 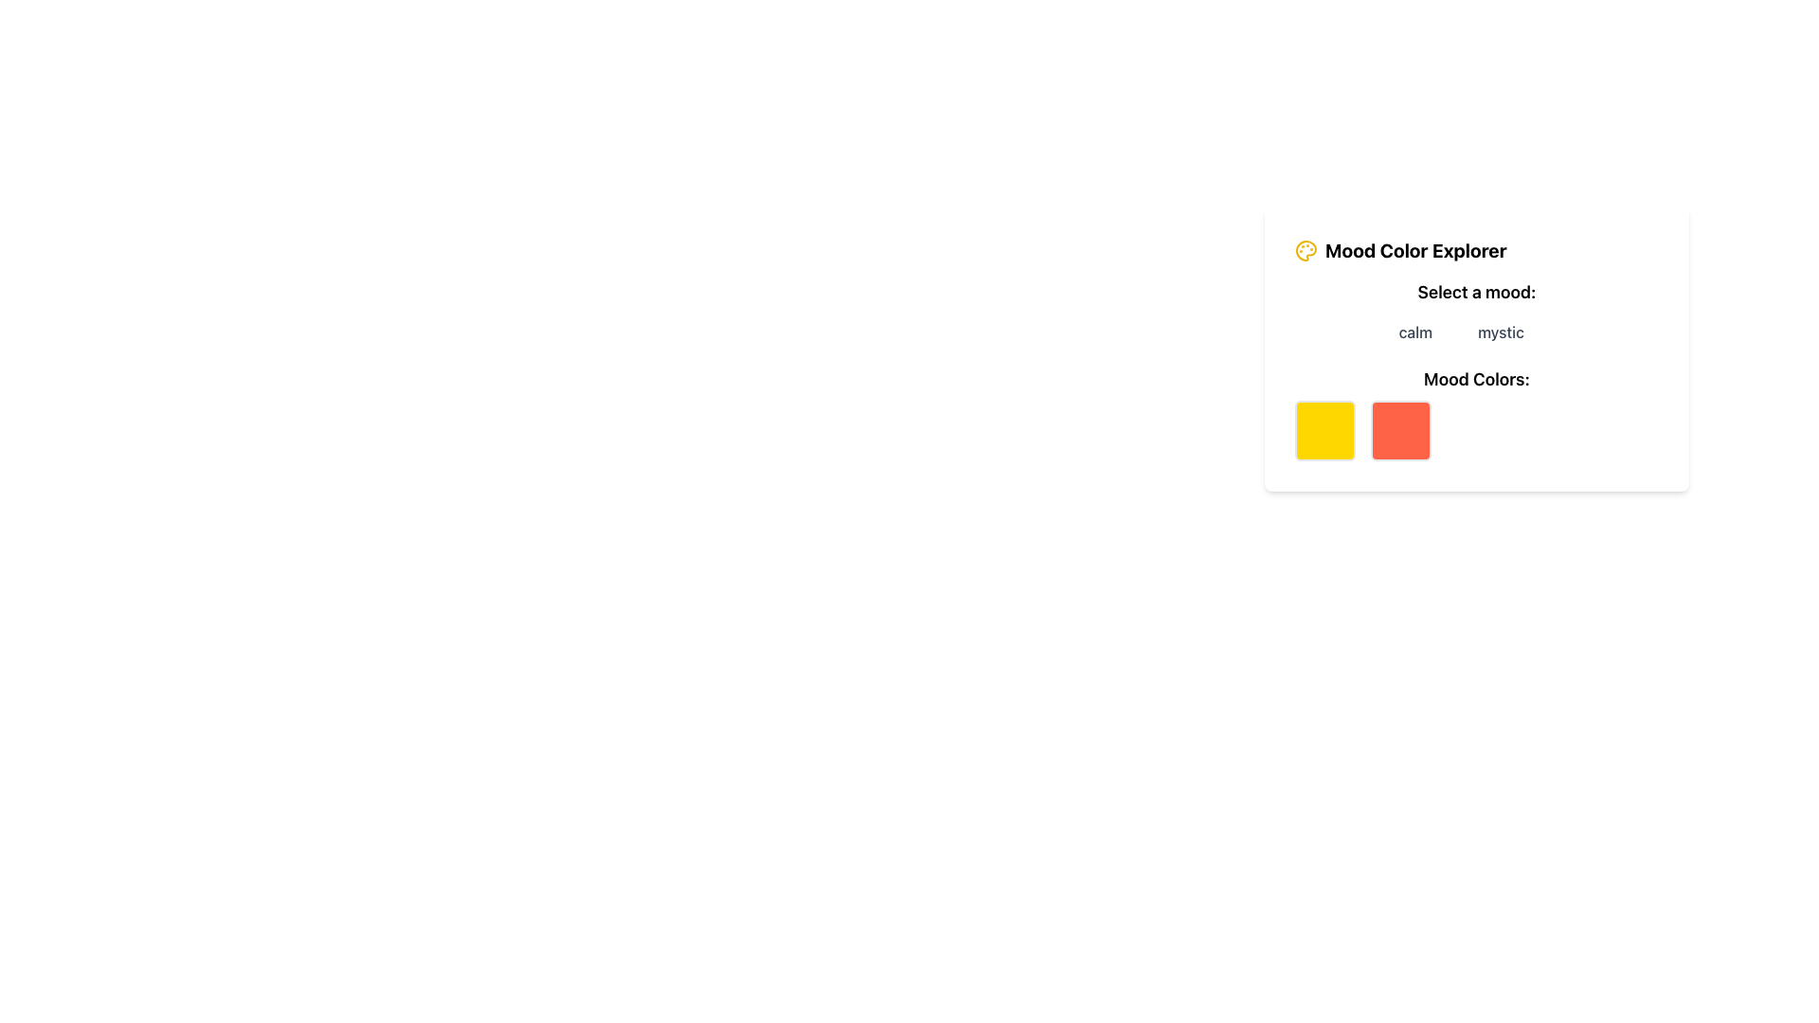 I want to click on the 'mystic' button in the Interactive selection menu labeled 'Select a mood:', so click(x=1476, y=314).